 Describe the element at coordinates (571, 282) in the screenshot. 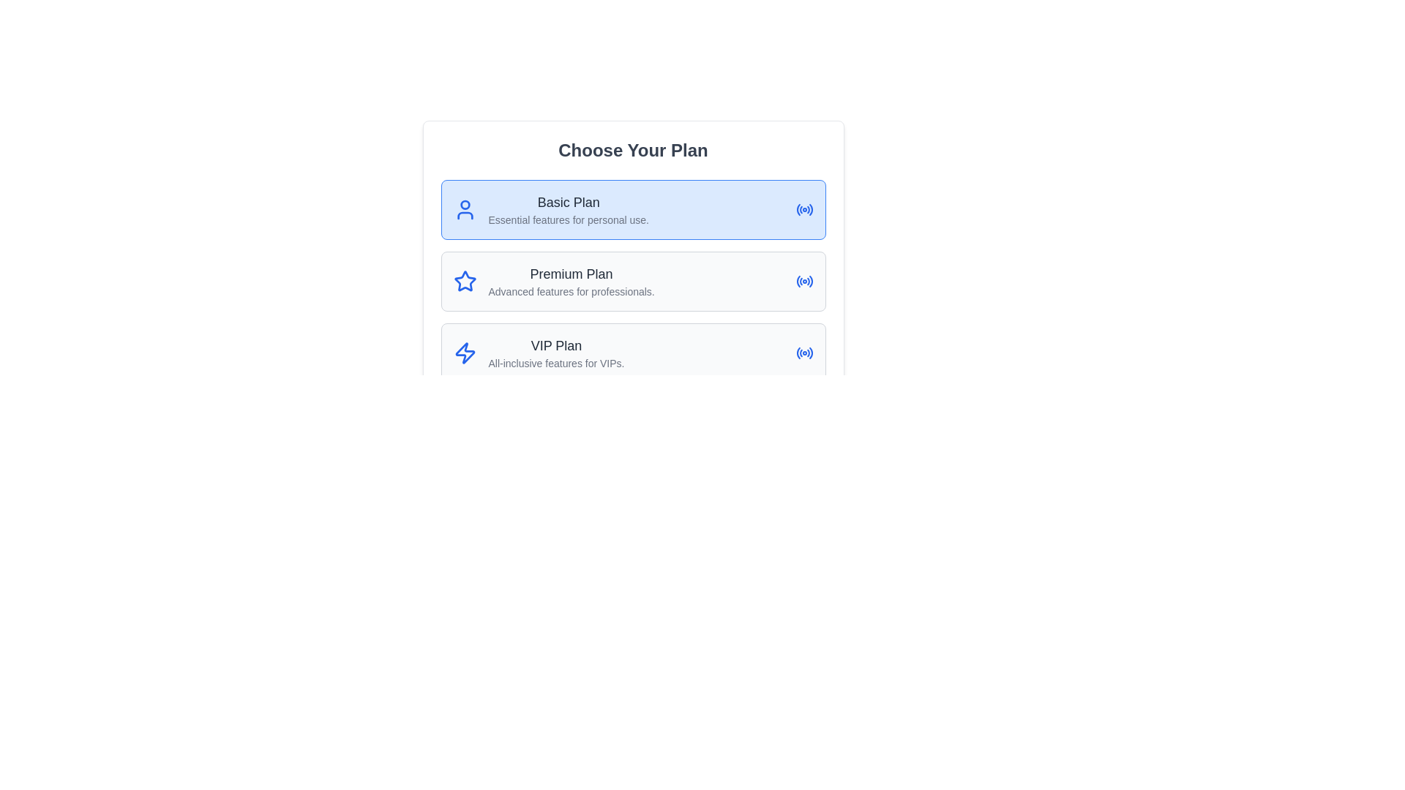

I see `details about the 'Premium Plan' choice in the subscription selection interface, which is the second option in the vertical list of plans within the 'Choose Your Plan' panel` at that location.